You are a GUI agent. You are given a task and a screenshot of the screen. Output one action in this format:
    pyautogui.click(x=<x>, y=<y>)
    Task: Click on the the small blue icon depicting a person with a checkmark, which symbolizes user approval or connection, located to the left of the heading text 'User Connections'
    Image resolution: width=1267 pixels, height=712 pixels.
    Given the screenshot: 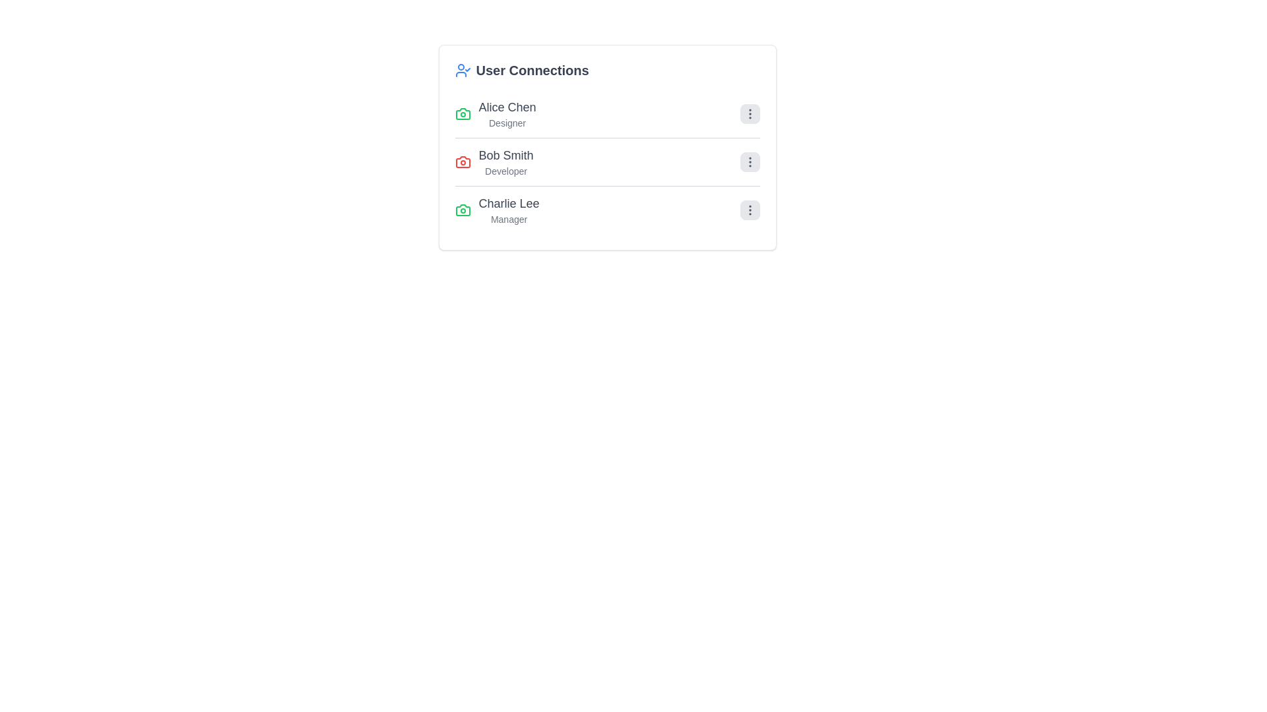 What is the action you would take?
    pyautogui.click(x=463, y=71)
    